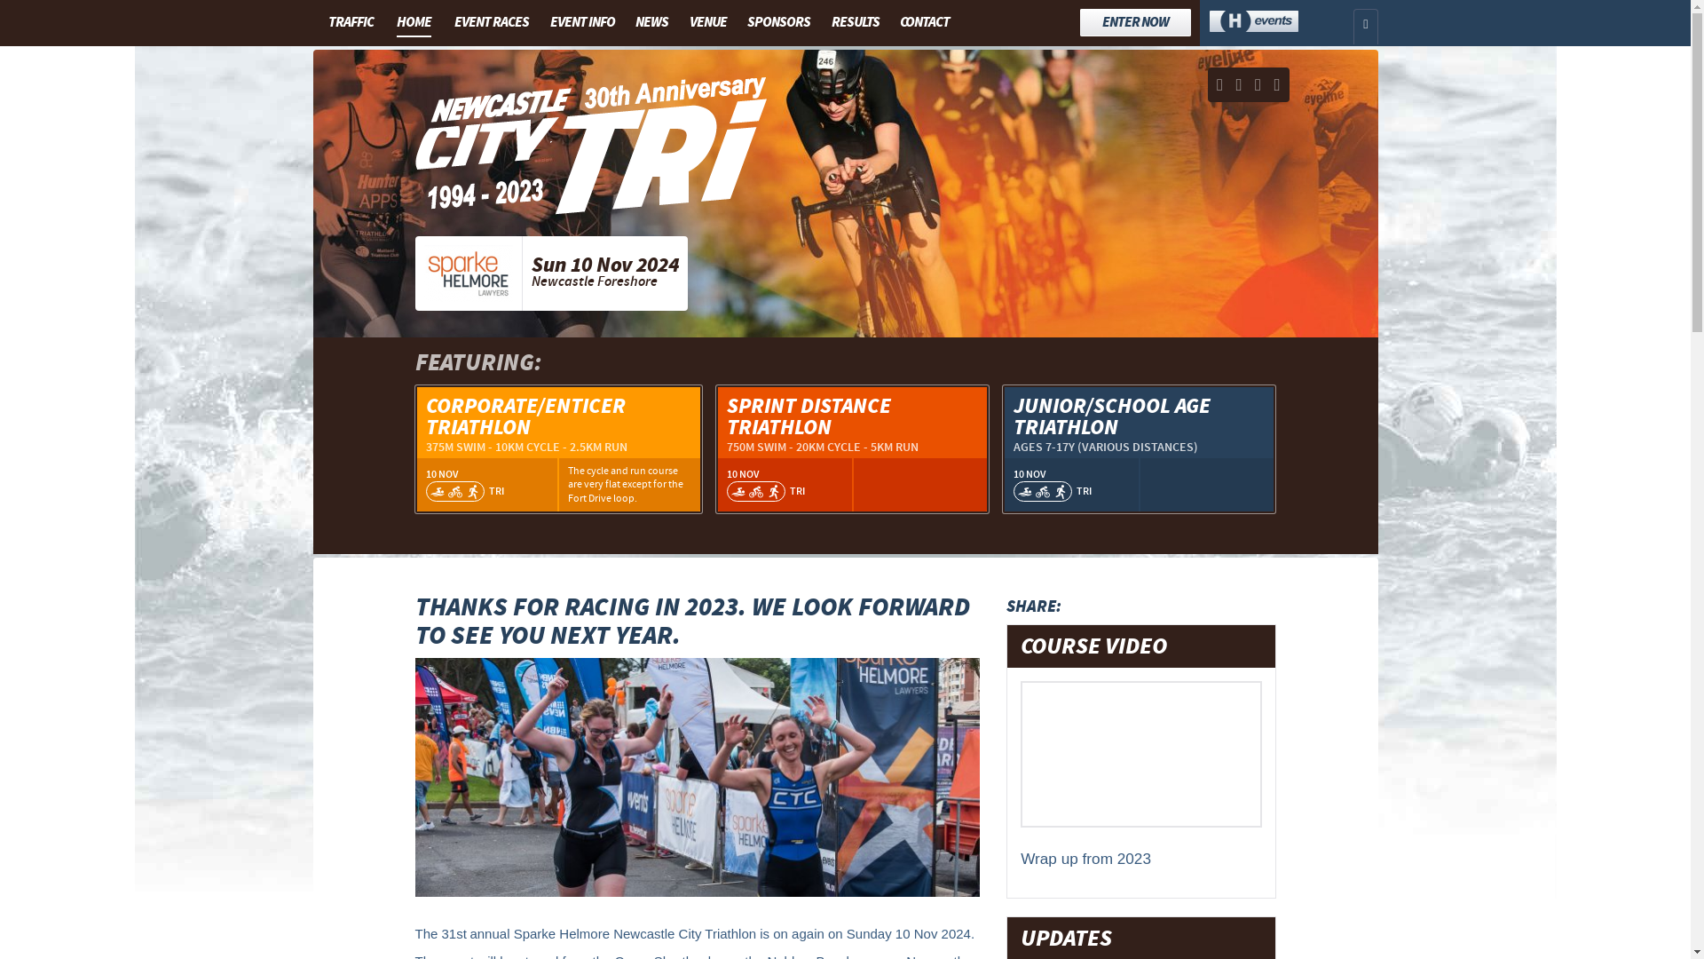  What do you see at coordinates (923, 21) in the screenshot?
I see `'CONTACT'` at bounding box center [923, 21].